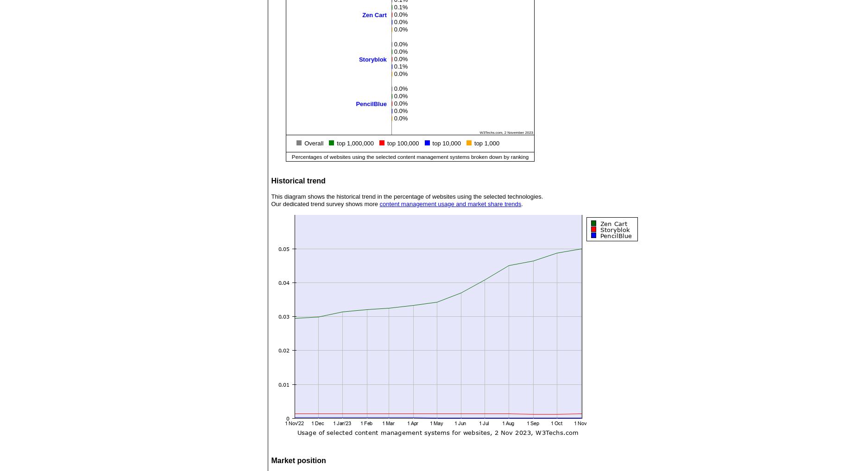 This screenshot has height=471, width=857. Describe the element at coordinates (407, 196) in the screenshot. I see `'This diagram shows the historical trend in the percentage of websites using the selected technologies.'` at that location.